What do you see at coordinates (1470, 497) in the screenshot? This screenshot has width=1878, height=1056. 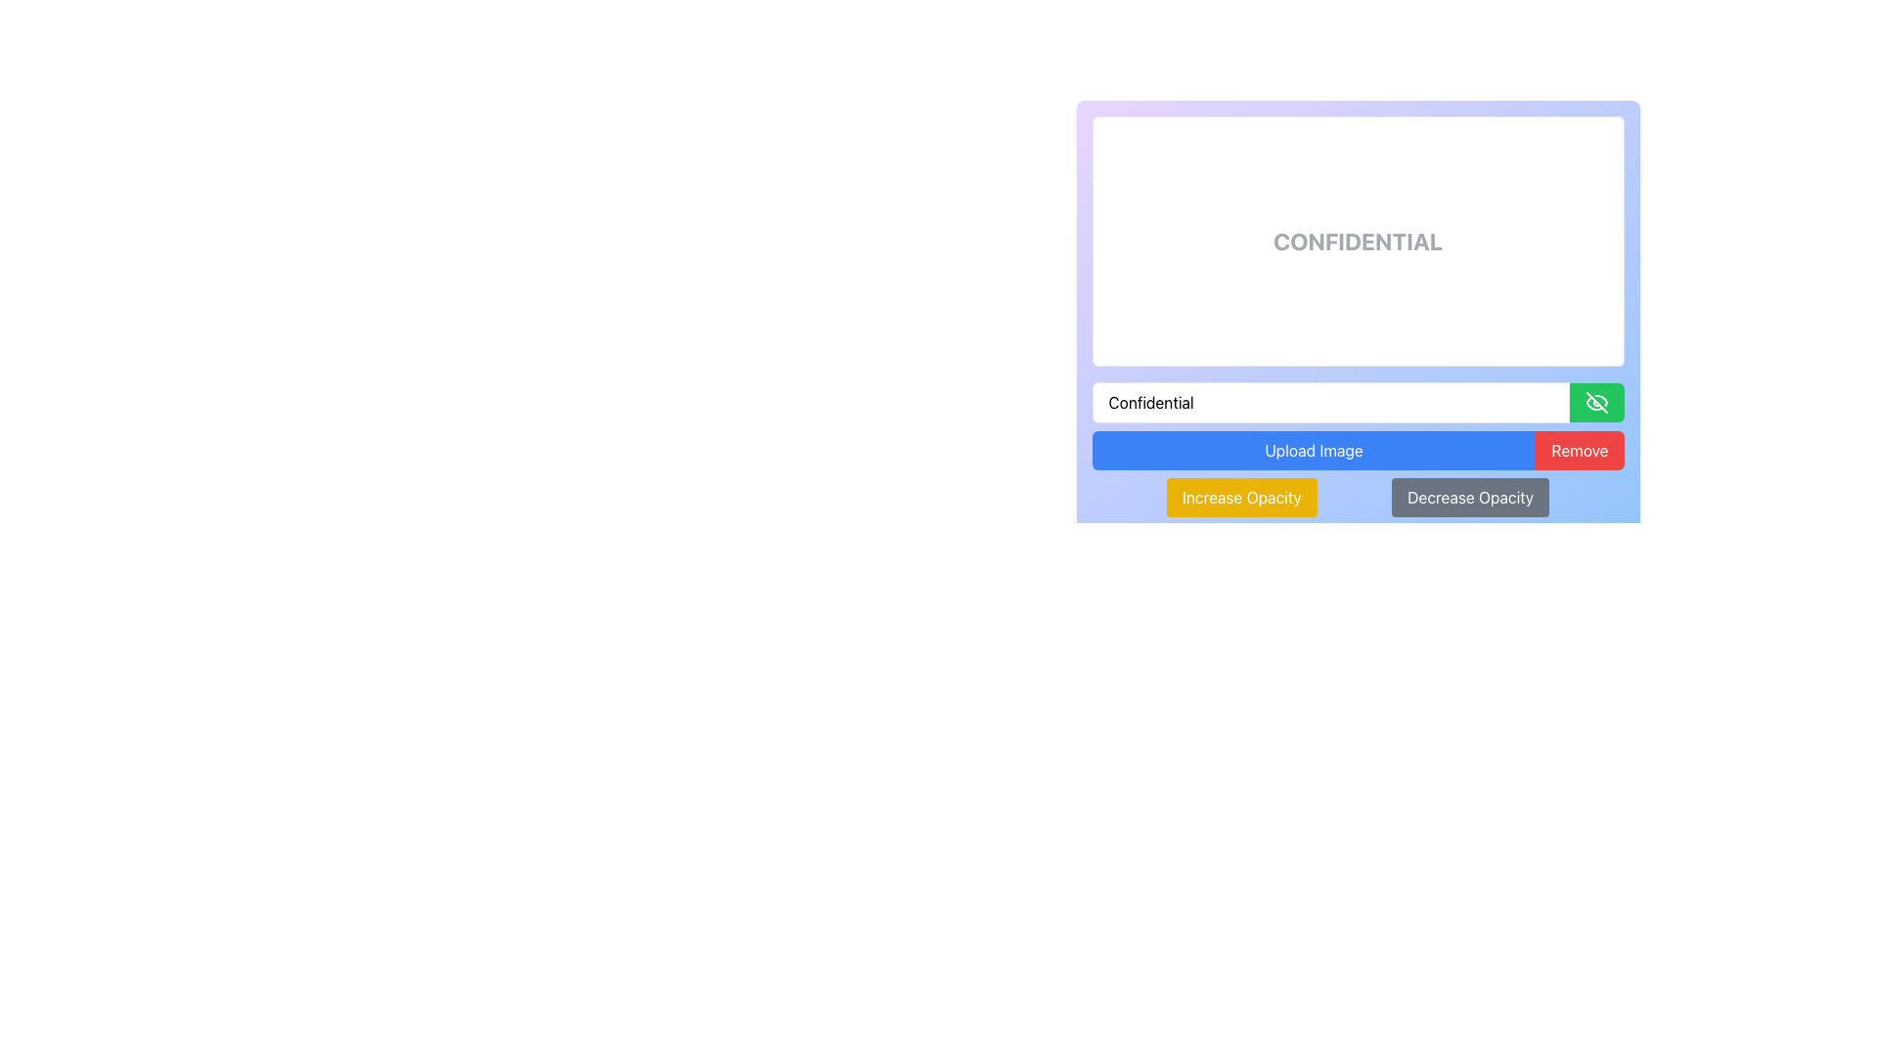 I see `the button located at the rightmost position within a horizontal group of two buttons at the bottom of the interface to decrease the opacity of the visual element` at bounding box center [1470, 497].